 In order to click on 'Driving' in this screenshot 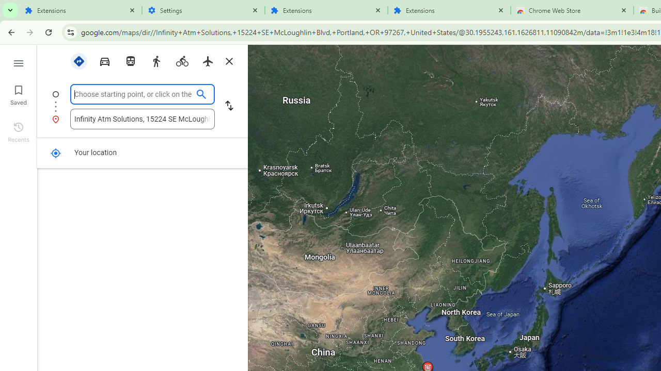, I will do `click(104, 60)`.